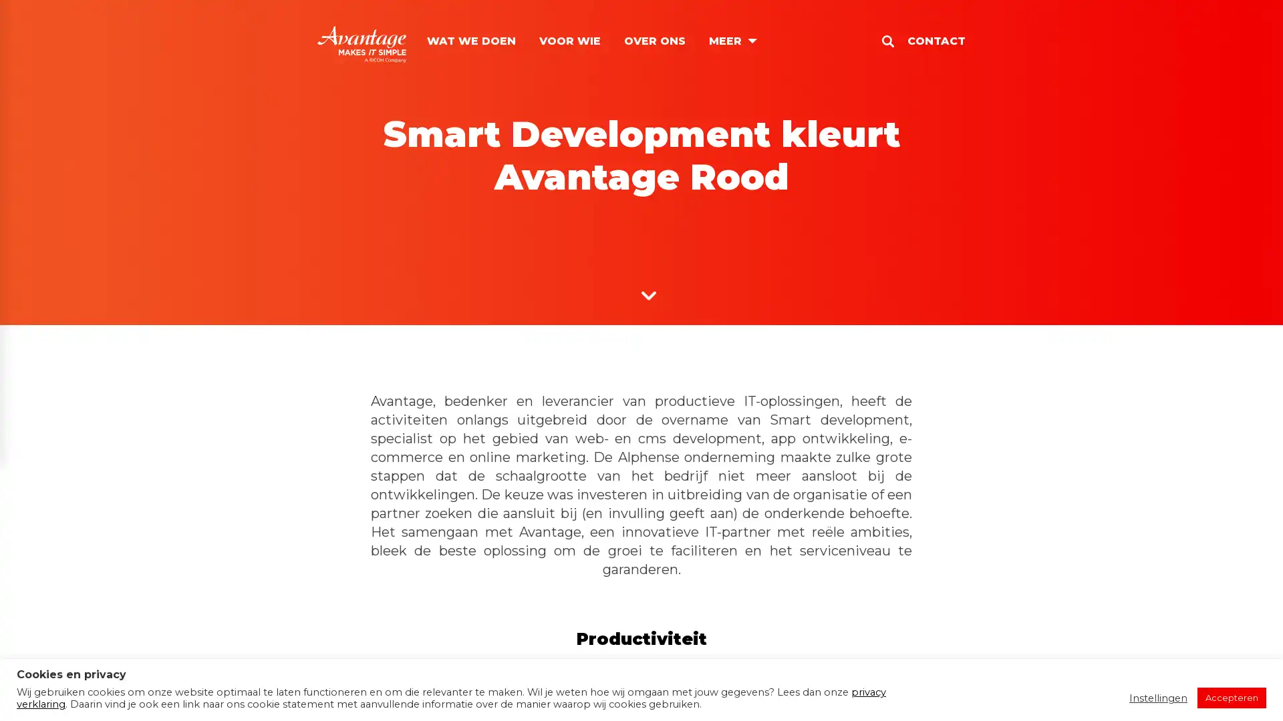  I want to click on Accepteren, so click(1231, 697).